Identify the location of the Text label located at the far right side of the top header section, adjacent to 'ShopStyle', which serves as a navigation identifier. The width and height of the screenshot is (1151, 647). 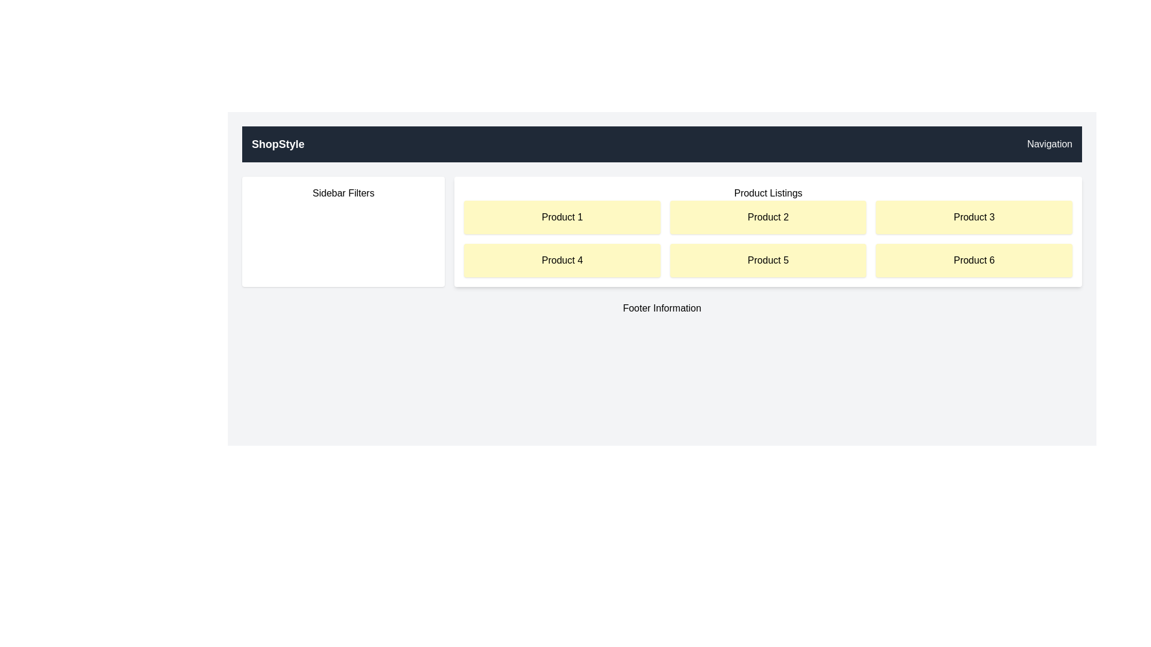
(1049, 143).